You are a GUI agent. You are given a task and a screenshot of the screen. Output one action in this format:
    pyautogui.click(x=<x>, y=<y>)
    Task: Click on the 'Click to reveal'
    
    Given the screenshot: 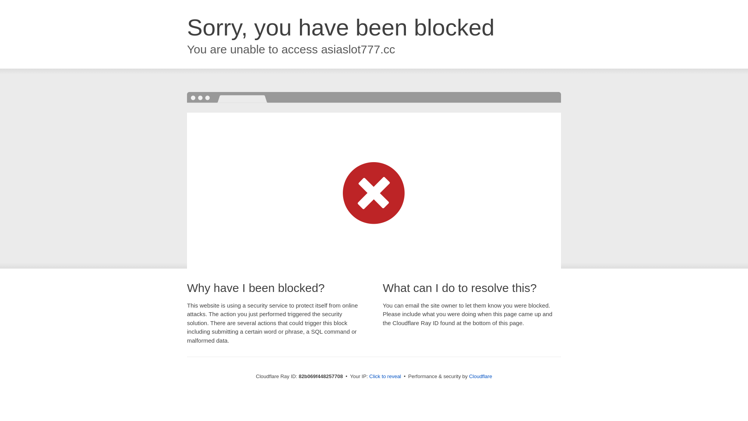 What is the action you would take?
    pyautogui.click(x=369, y=376)
    